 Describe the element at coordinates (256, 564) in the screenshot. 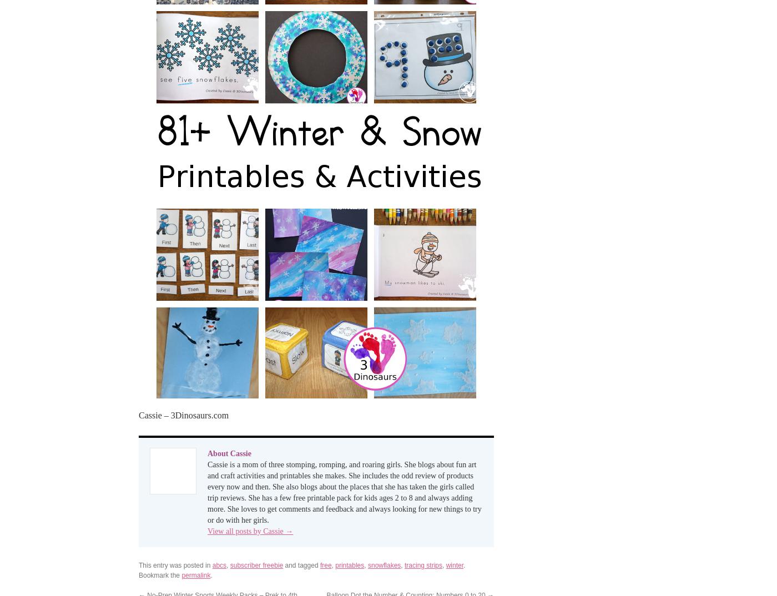

I see `'subscriber freebie'` at that location.